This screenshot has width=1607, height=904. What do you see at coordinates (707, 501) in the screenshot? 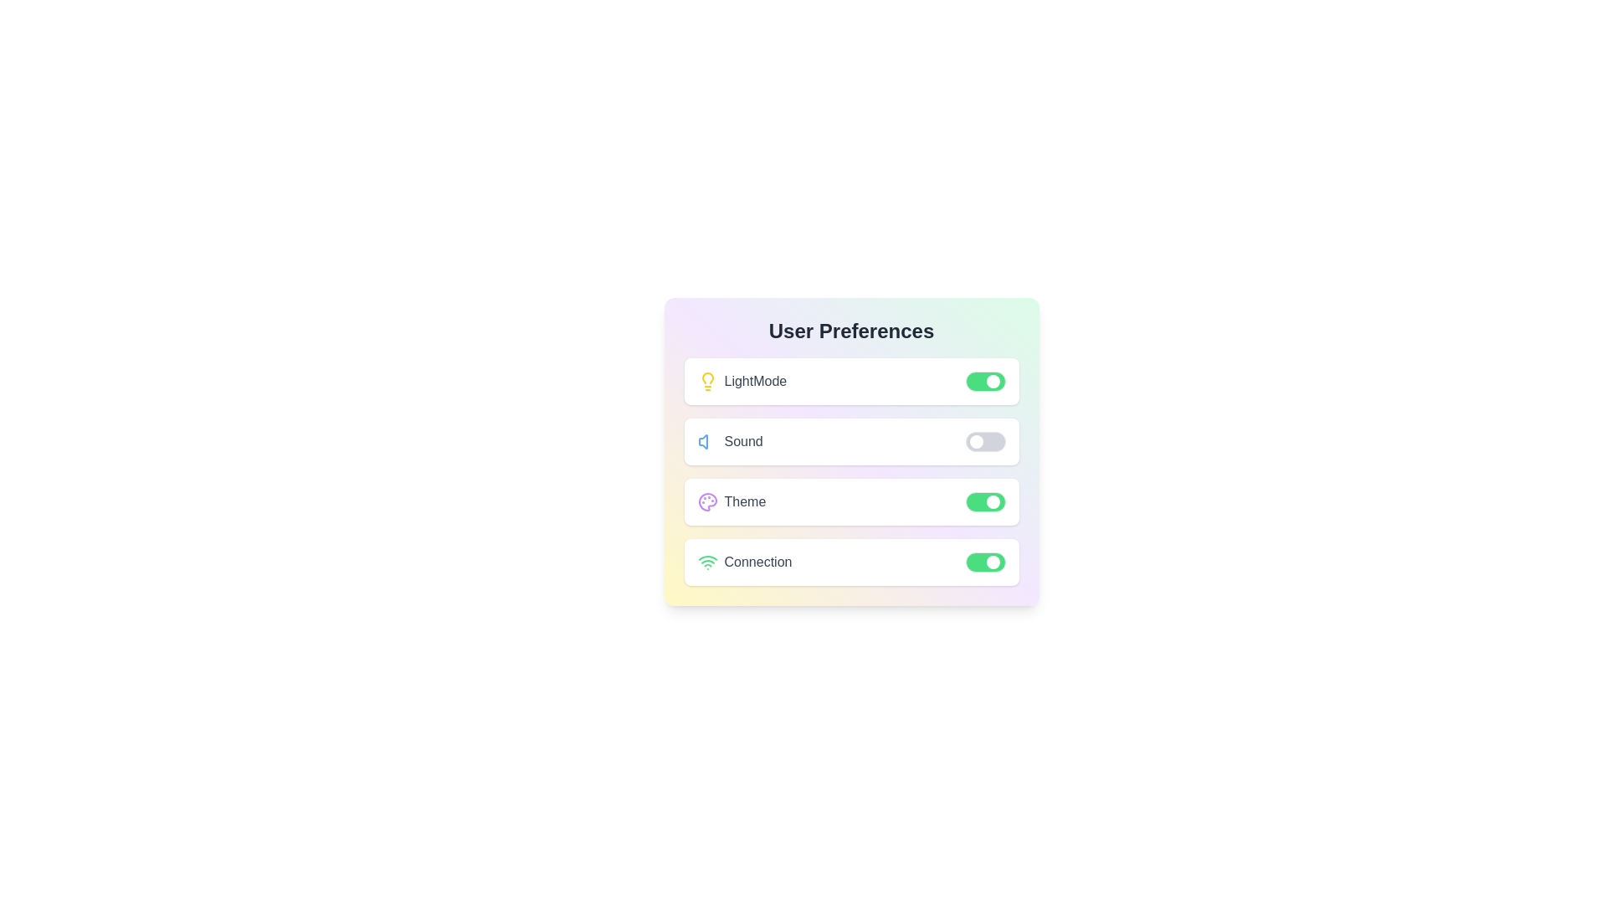
I see `the theme customization icon located in the third row of the 'User Preferences' section, to the left of the label text and switch toggle` at bounding box center [707, 501].